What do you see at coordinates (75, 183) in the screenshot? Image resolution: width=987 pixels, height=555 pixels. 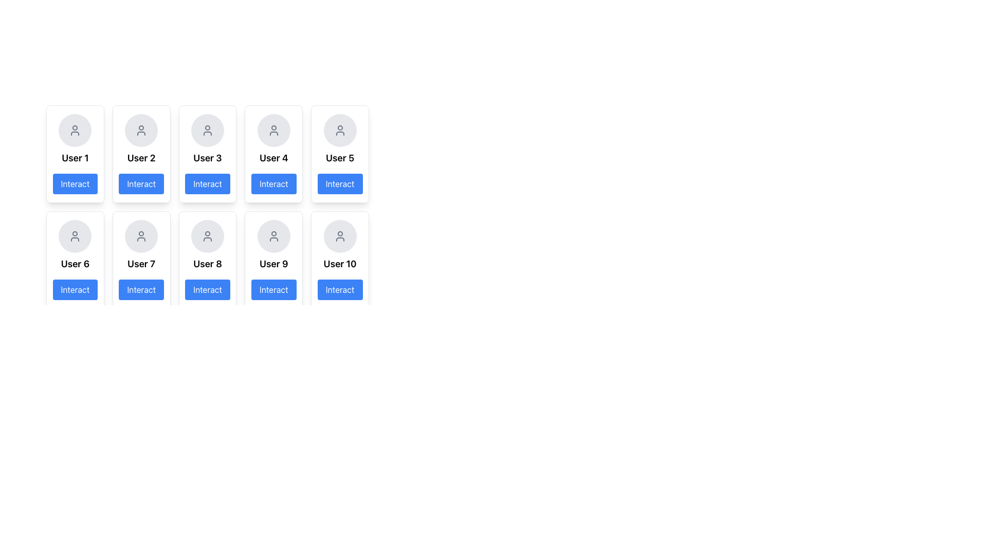 I see `the 'Interact' button located directly below the text label 'User 1' to initiate an action` at bounding box center [75, 183].